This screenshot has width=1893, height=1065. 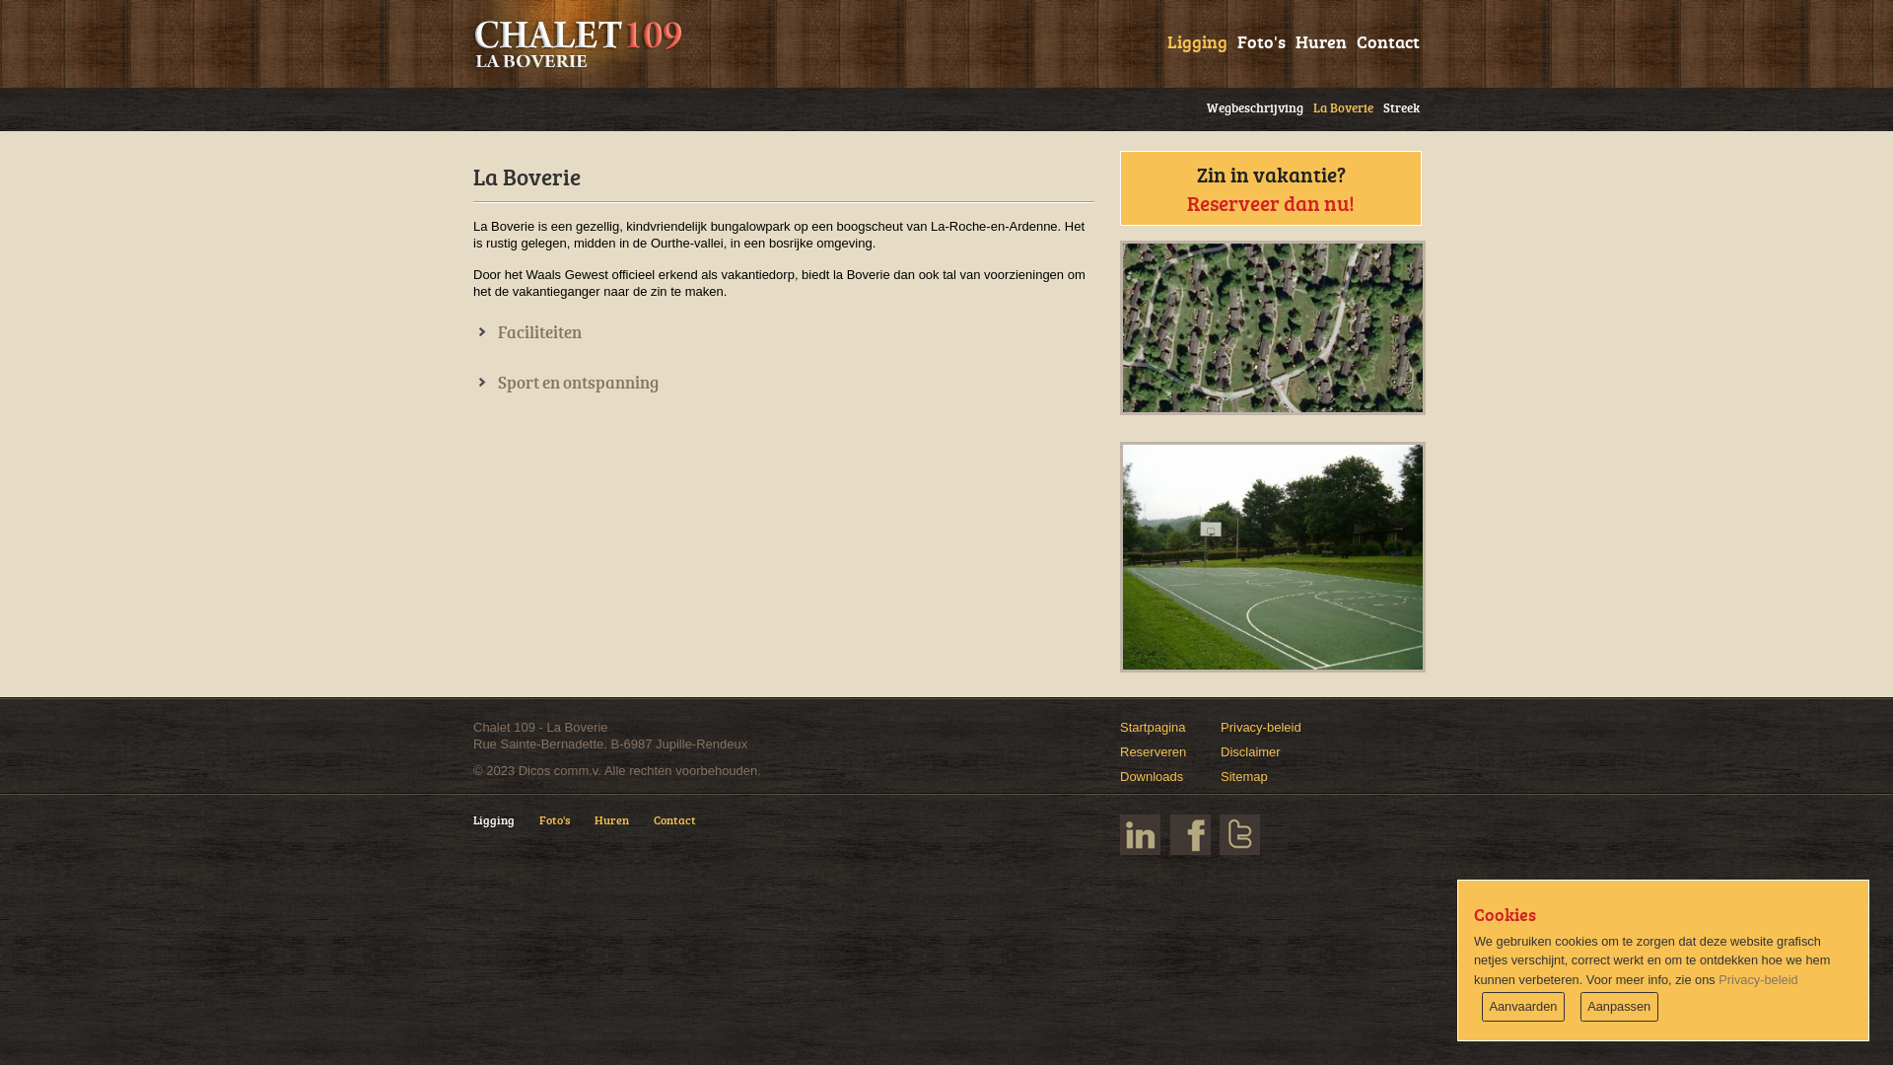 What do you see at coordinates (1153, 727) in the screenshot?
I see `'Startpagina'` at bounding box center [1153, 727].